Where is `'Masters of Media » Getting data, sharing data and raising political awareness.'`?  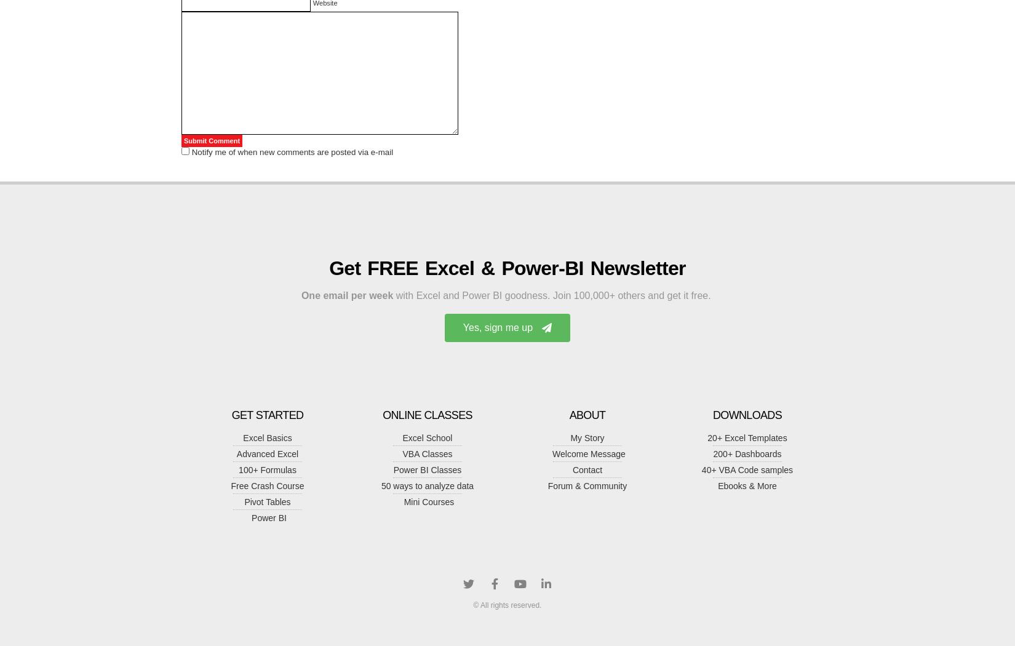
'Masters of Media » Getting data, sharing data and raising political awareness.' is located at coordinates (190, 244).